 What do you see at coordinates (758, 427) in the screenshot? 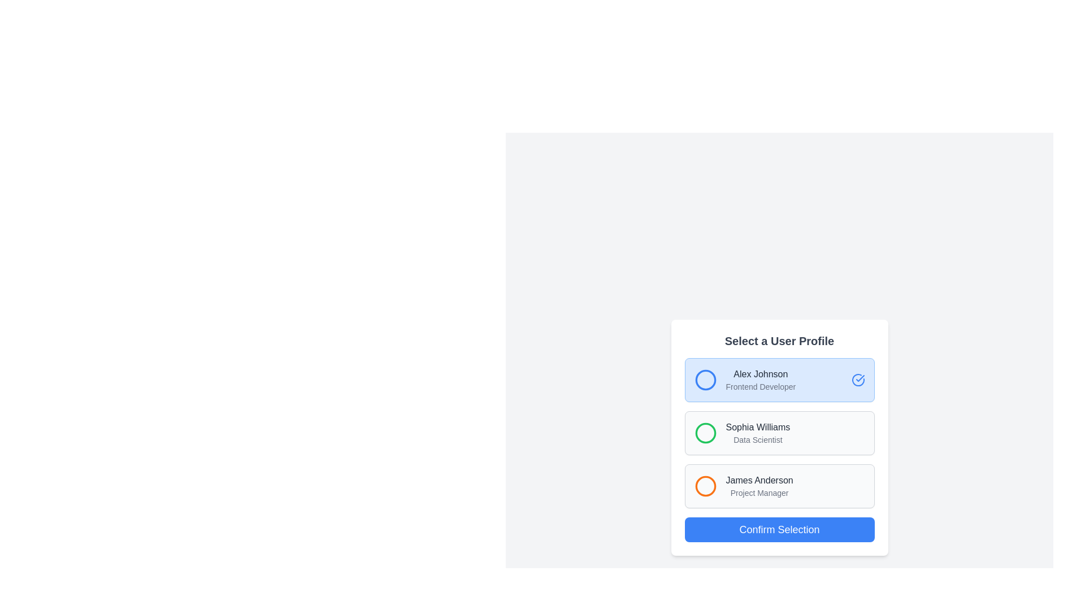
I see `the label displaying the user's full name in the second user profile option, which is located to the right of the green circular selection indicator and above the text 'Data Scientist'` at bounding box center [758, 427].